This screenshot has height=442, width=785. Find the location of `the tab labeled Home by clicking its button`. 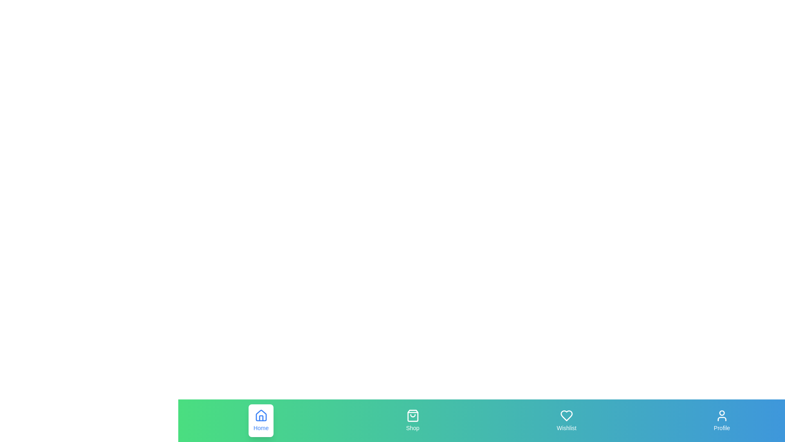

the tab labeled Home by clicking its button is located at coordinates (260, 421).